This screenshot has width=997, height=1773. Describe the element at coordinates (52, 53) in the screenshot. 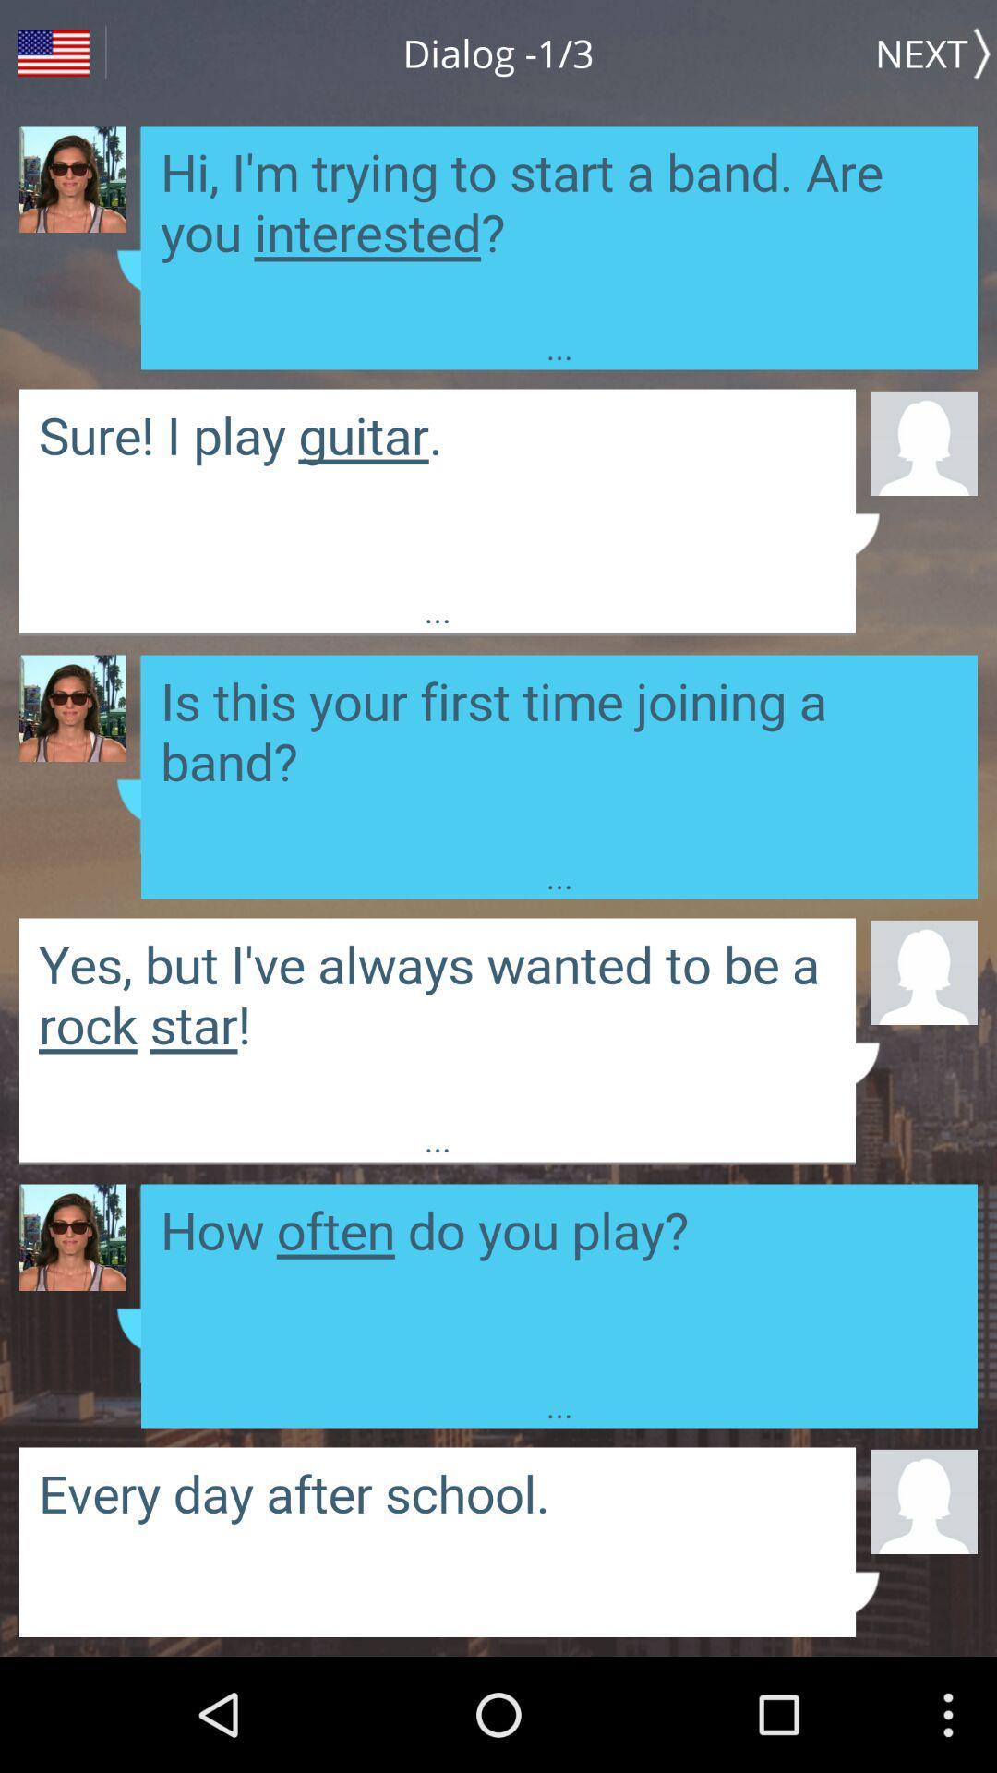

I see `english language` at that location.